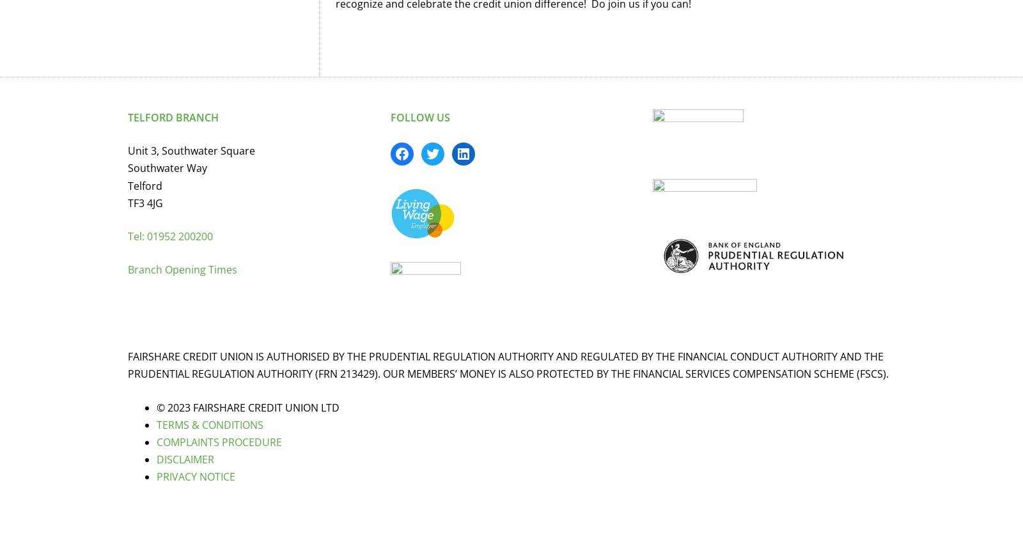 The image size is (1023, 533). I want to click on 'TERMS & CONDITIONS', so click(210, 424).